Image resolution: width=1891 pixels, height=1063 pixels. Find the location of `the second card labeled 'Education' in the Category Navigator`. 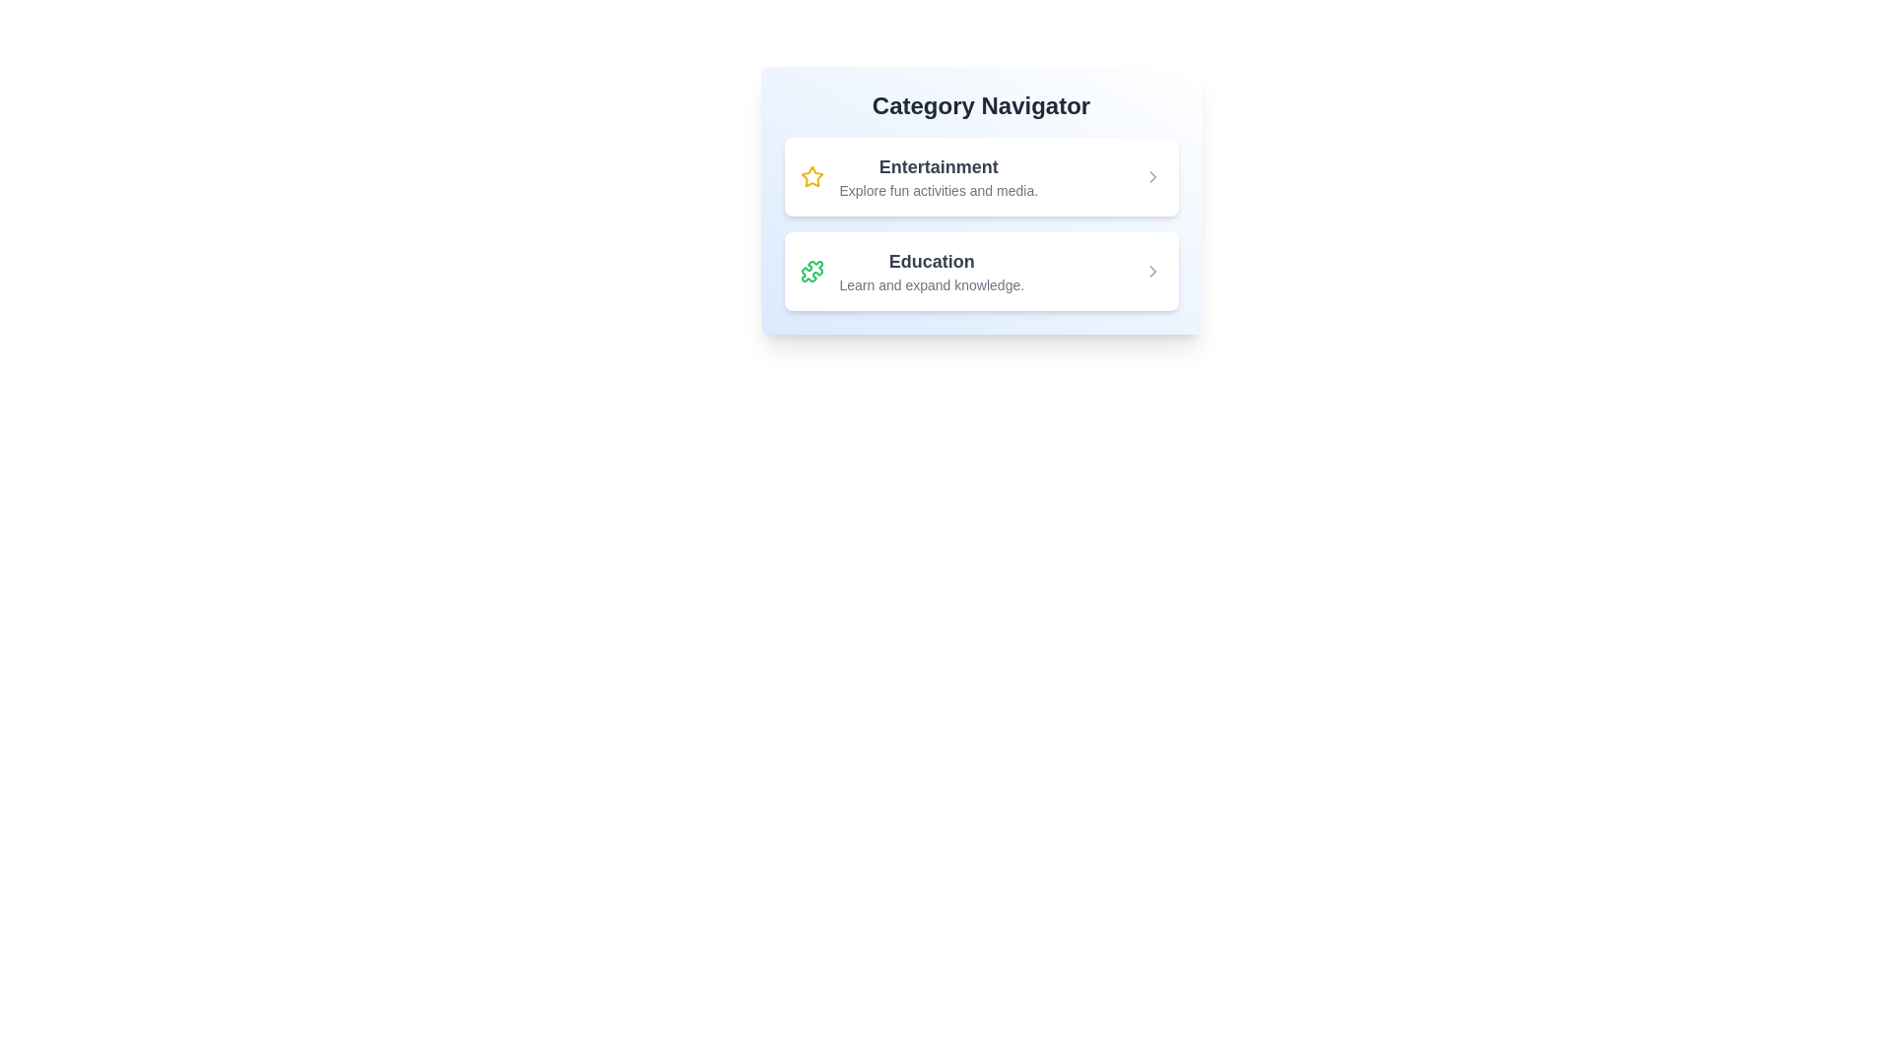

the second card labeled 'Education' in the Category Navigator is located at coordinates (981, 272).